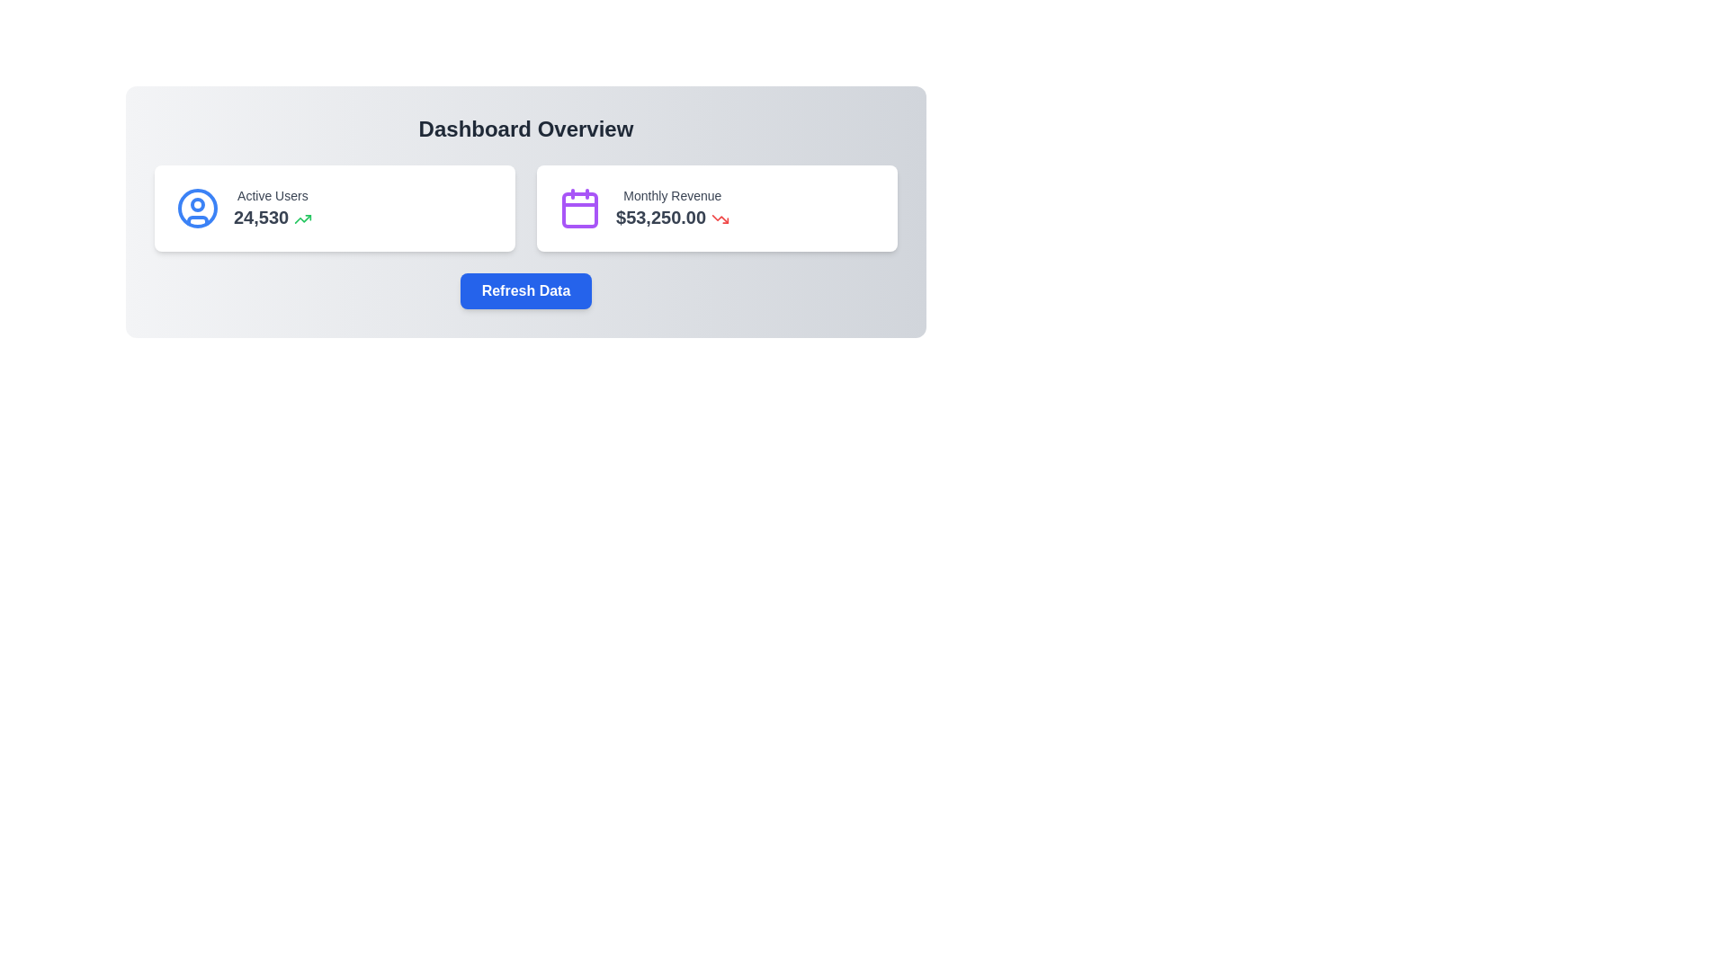  I want to click on the total count of active users displayed as '24,530' in the left panel of the dashboard overview card, next to the upward trending green arrow icon, so click(272, 217).